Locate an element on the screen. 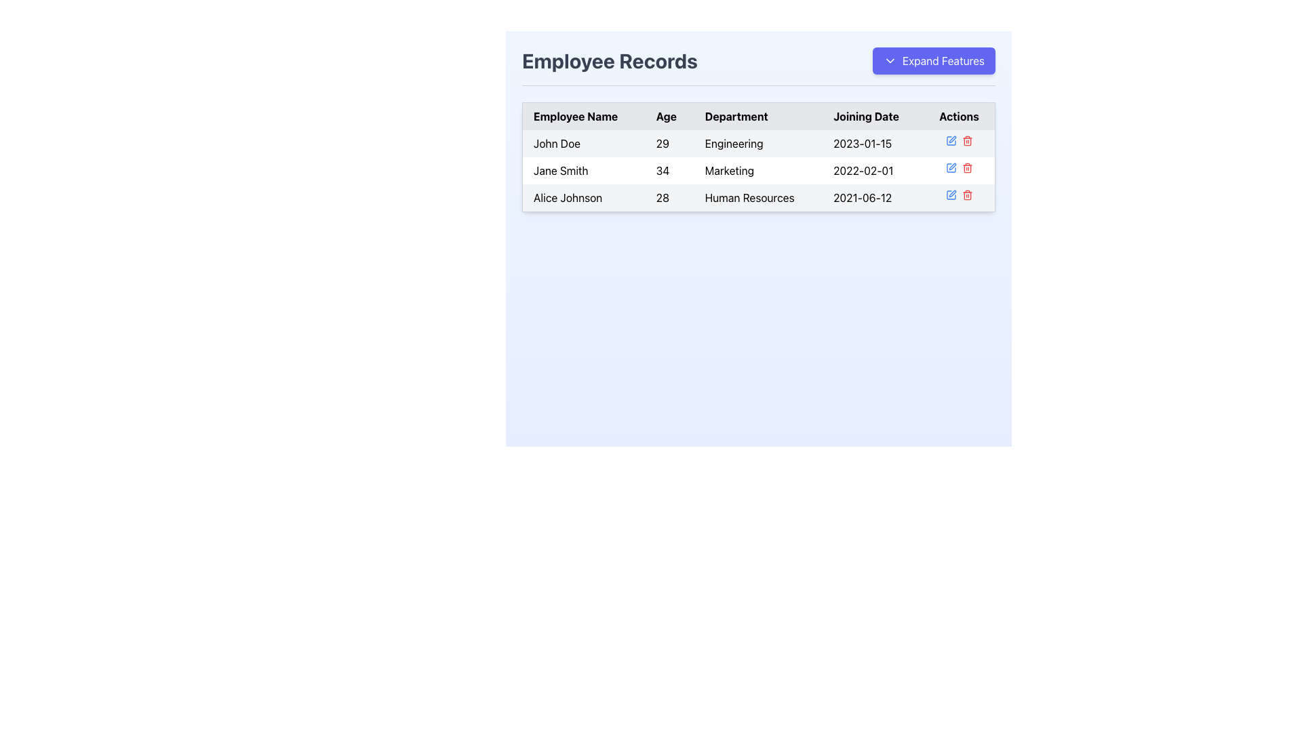 This screenshot has width=1302, height=732. the Text label serving as a table header that indicates employee names is located at coordinates (584, 115).